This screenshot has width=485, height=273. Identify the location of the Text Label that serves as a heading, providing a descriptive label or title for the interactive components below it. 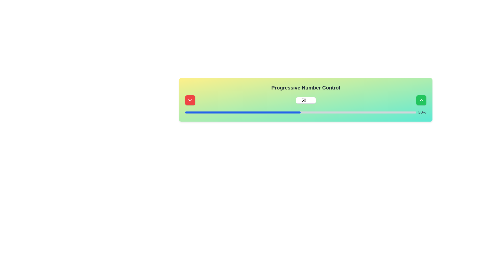
(305, 87).